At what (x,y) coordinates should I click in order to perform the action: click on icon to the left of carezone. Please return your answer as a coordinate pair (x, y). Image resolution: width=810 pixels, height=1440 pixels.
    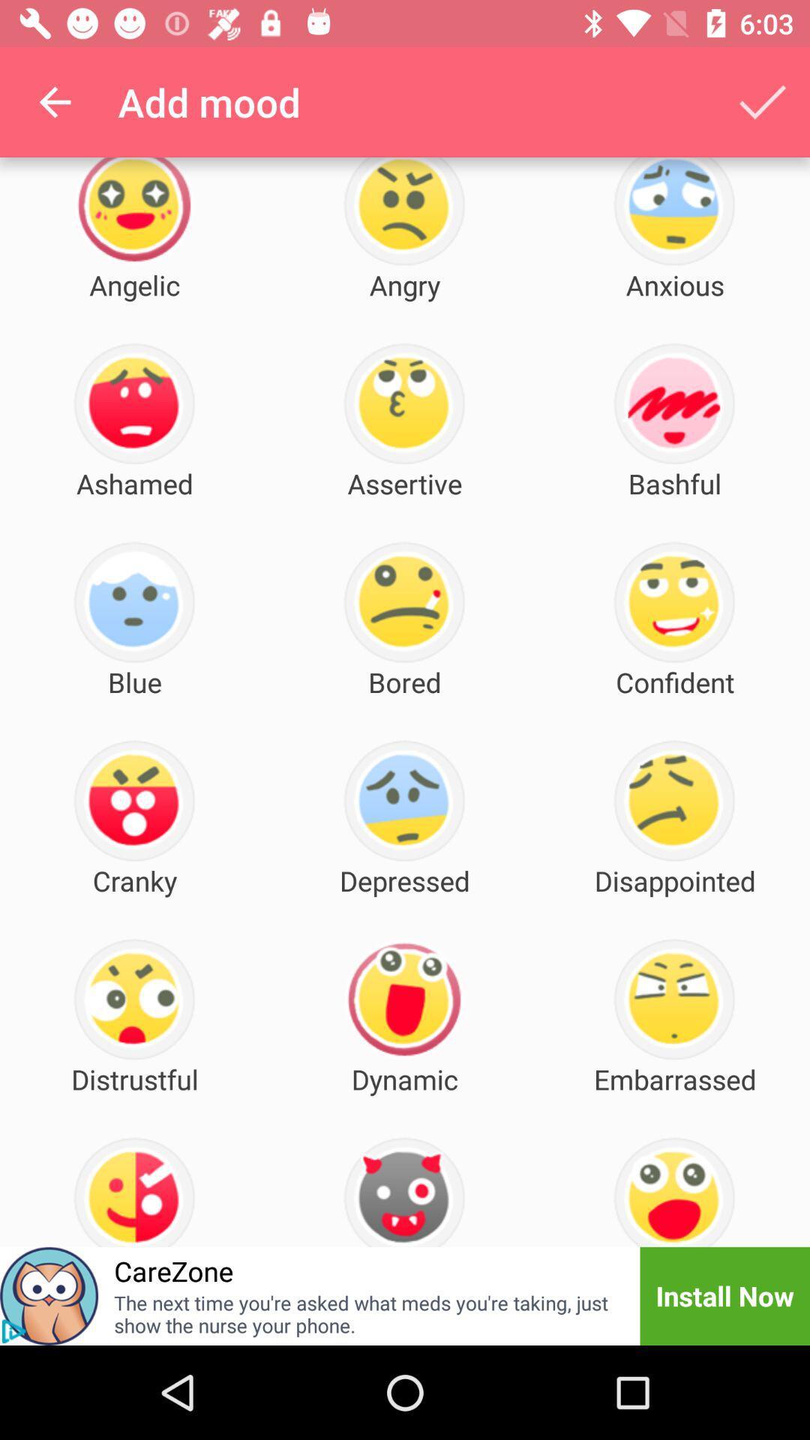
    Looking at the image, I should click on (48, 1295).